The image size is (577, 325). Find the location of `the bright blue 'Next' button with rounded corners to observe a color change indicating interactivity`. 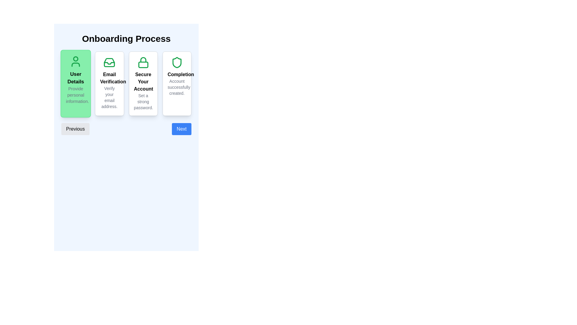

the bright blue 'Next' button with rounded corners to observe a color change indicating interactivity is located at coordinates (181, 128).